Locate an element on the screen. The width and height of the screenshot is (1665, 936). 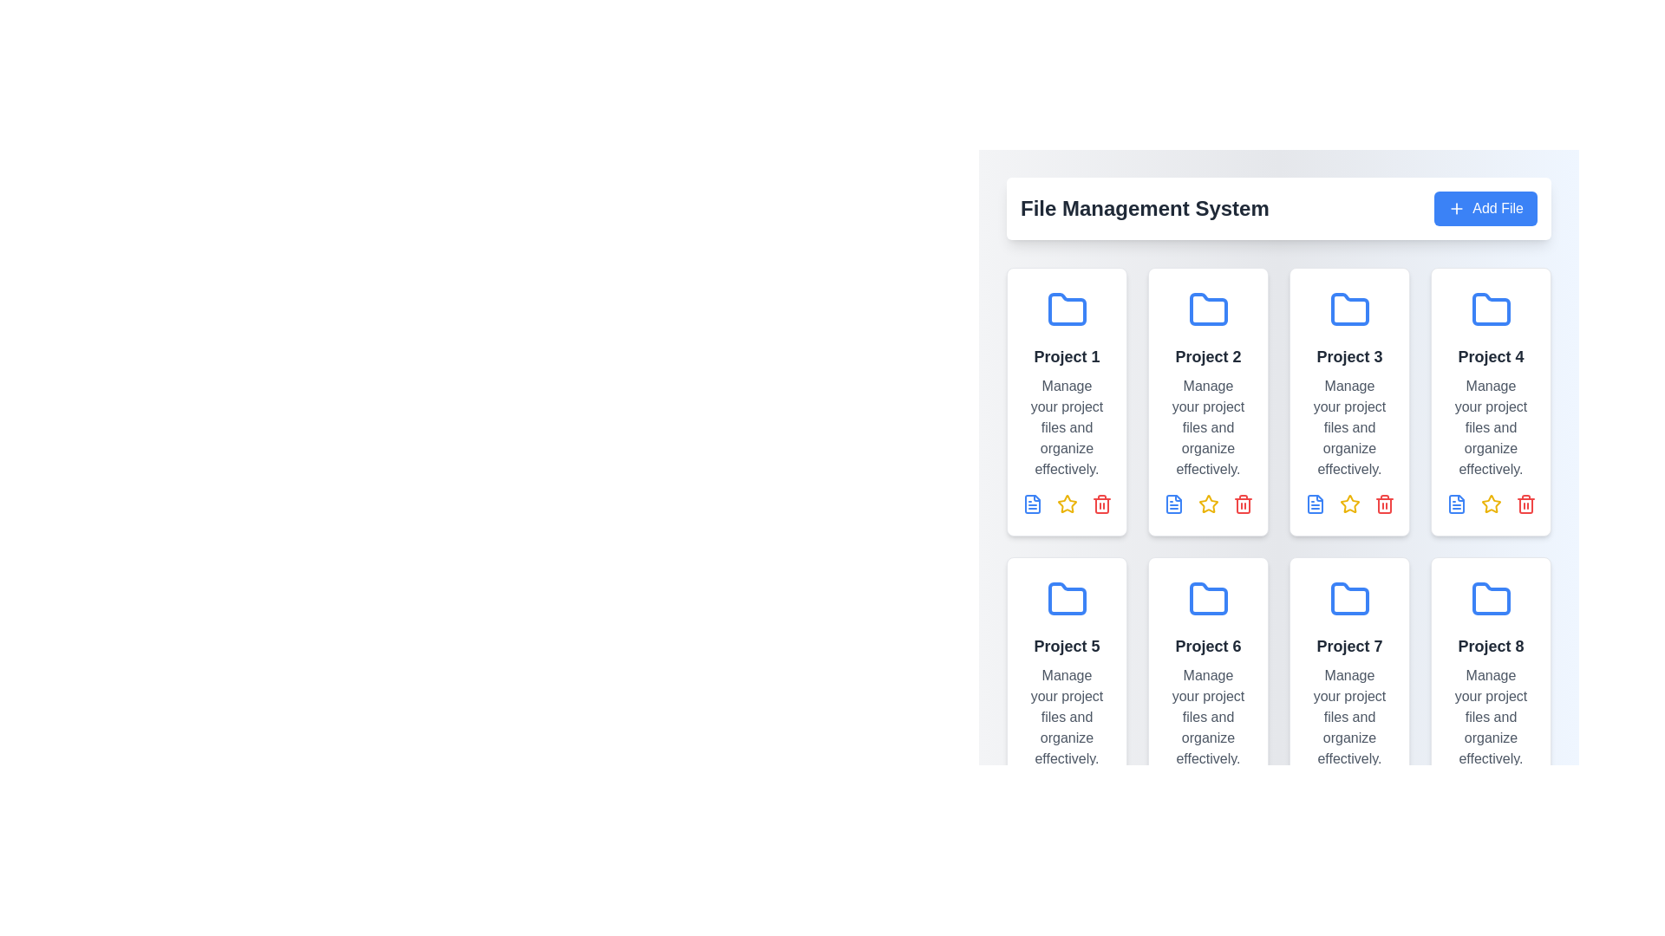
the blue circular button with a white plus sign located within the 'Add File' button on the right-hand side of the interface is located at coordinates (1457, 207).